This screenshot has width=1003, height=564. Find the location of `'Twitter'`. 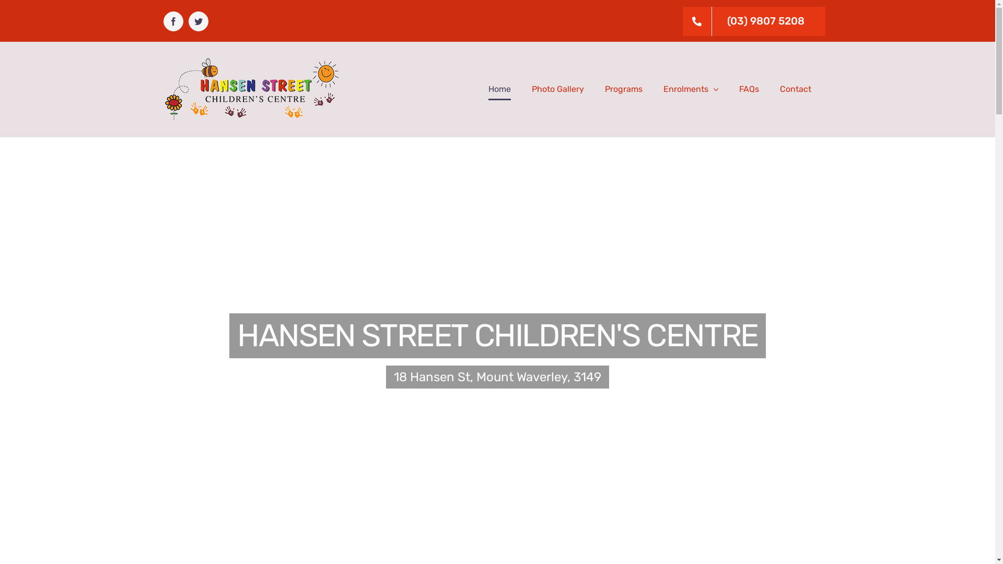

'Twitter' is located at coordinates (188, 21).